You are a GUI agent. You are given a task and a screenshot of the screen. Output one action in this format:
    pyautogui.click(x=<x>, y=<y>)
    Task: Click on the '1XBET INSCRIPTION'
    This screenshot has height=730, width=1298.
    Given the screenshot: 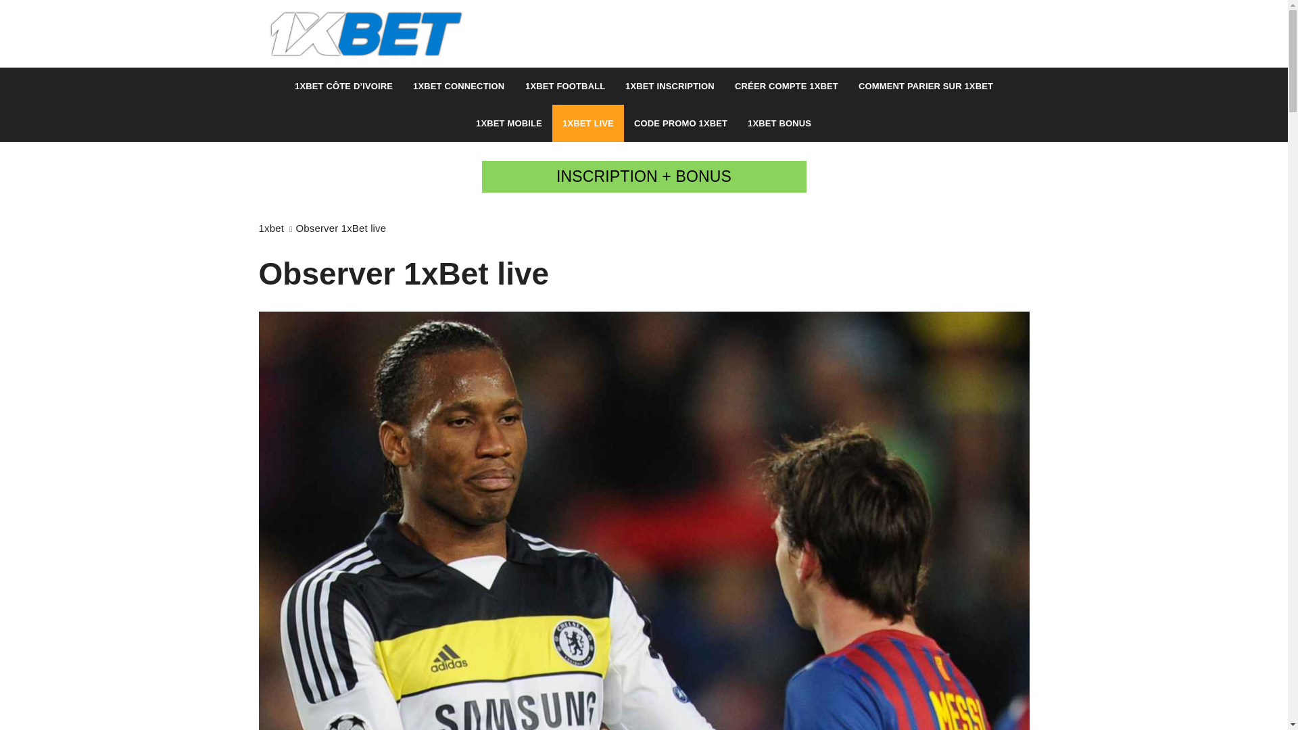 What is the action you would take?
    pyautogui.click(x=669, y=86)
    